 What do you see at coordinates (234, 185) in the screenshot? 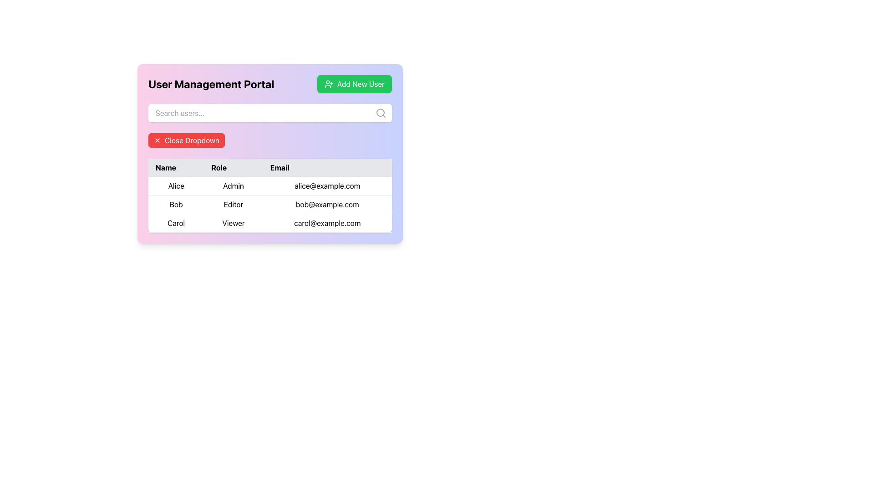
I see `text of the table cell that identifies user 'Alice' as an Admin, located in the second column labeled 'Role' in the first row` at bounding box center [234, 185].